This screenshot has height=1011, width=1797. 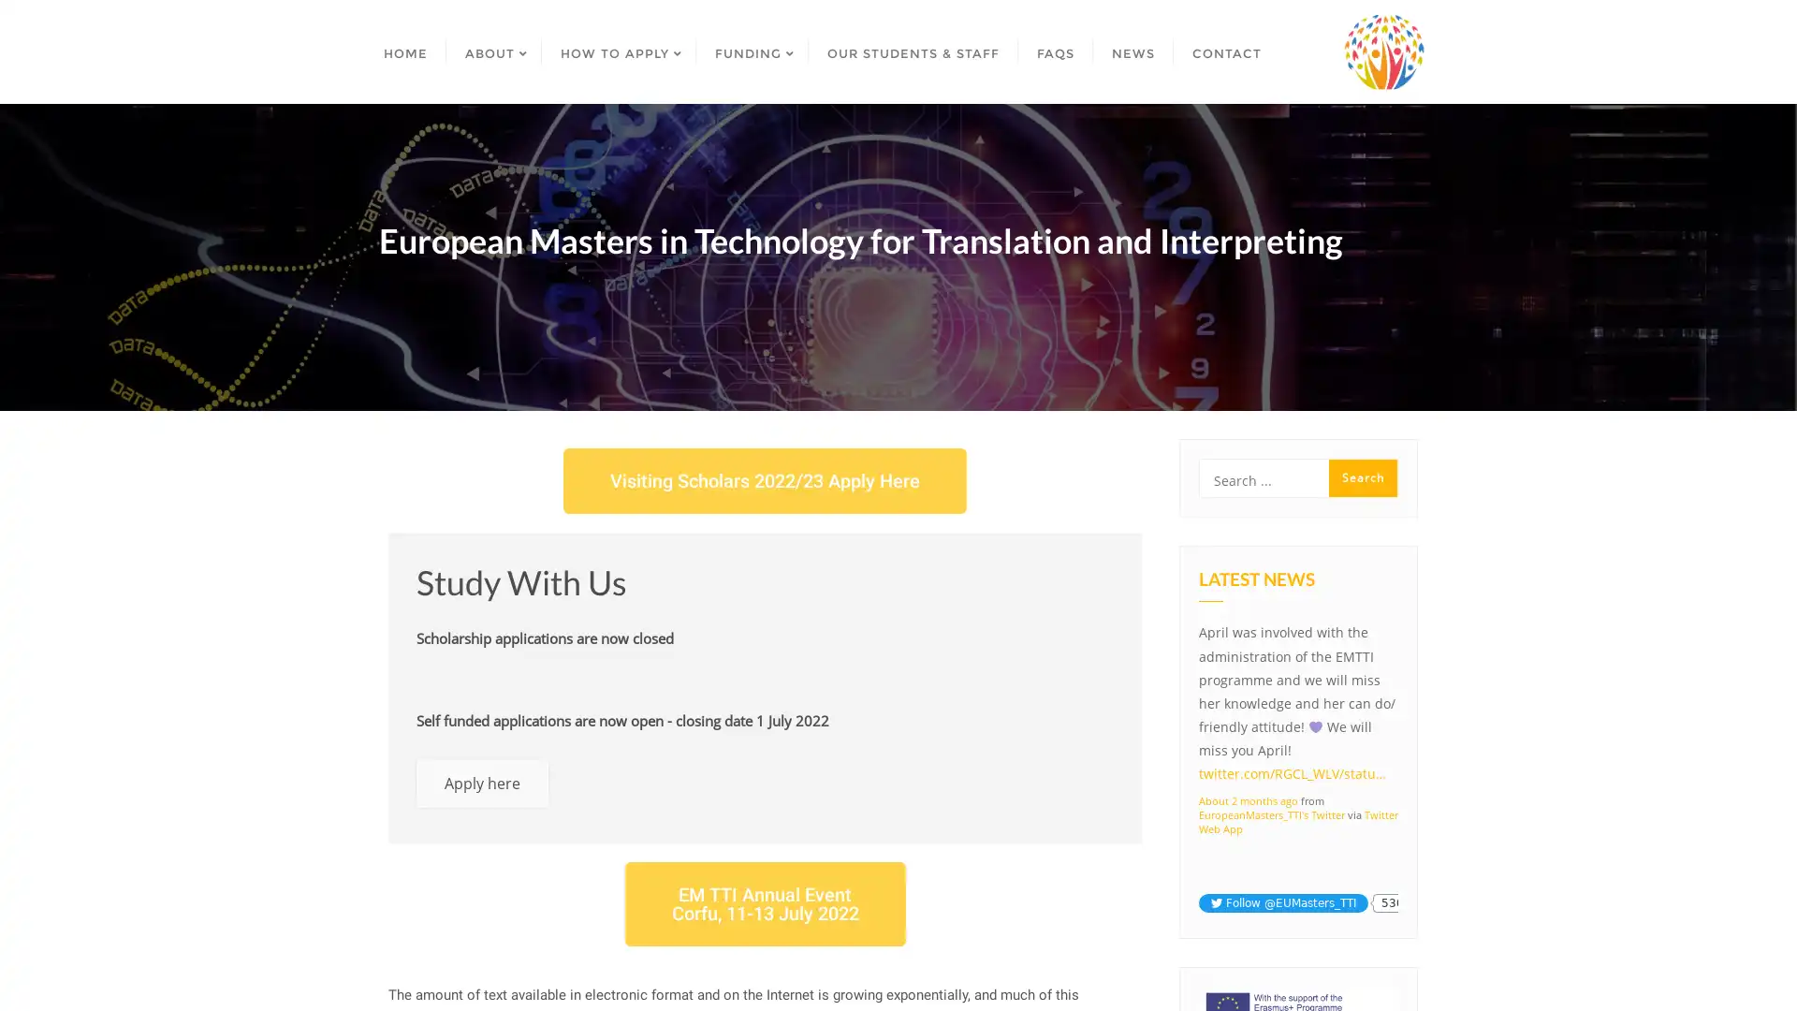 What do you see at coordinates (1363, 476) in the screenshot?
I see `Search` at bounding box center [1363, 476].